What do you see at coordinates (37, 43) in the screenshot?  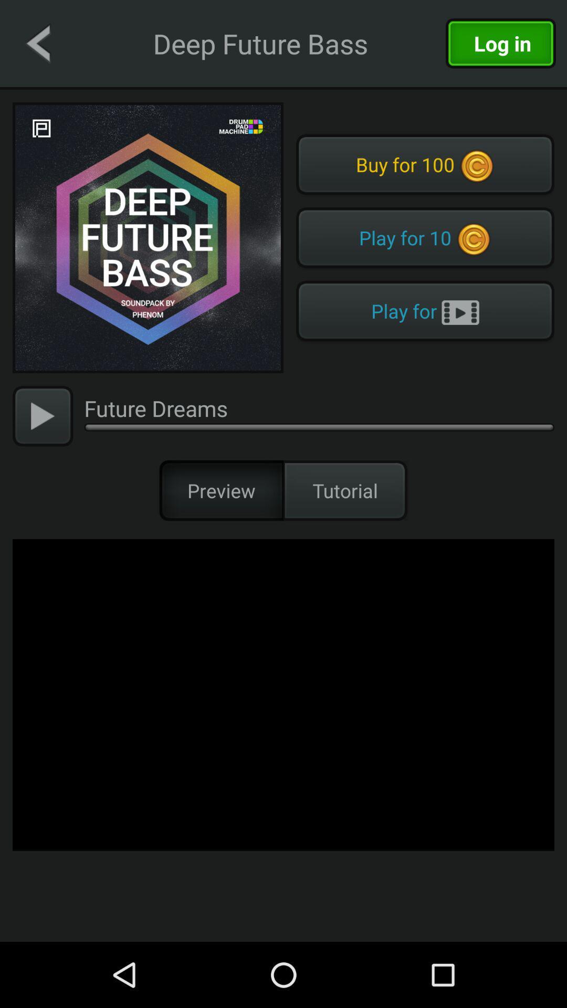 I see `the arrow_backward icon` at bounding box center [37, 43].